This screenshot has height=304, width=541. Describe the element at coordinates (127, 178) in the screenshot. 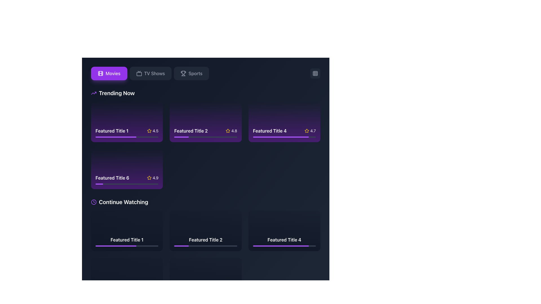

I see `the 'Featured Title 6' list item in the 'Trending Now' section` at that location.